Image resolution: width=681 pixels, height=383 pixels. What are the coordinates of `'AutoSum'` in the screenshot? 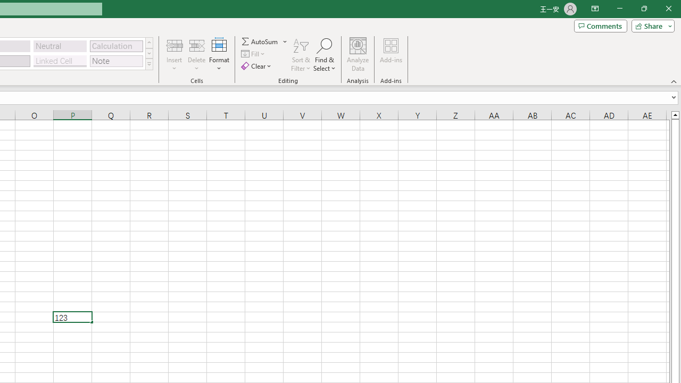 It's located at (264, 41).